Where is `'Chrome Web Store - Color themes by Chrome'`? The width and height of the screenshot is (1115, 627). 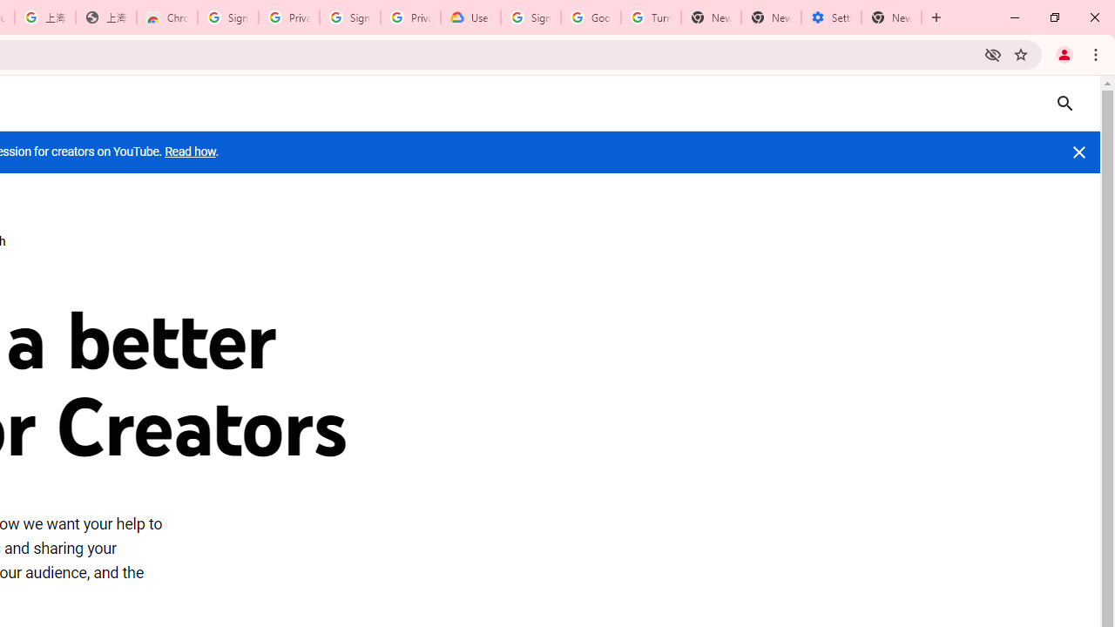
'Chrome Web Store - Color themes by Chrome' is located at coordinates (167, 17).